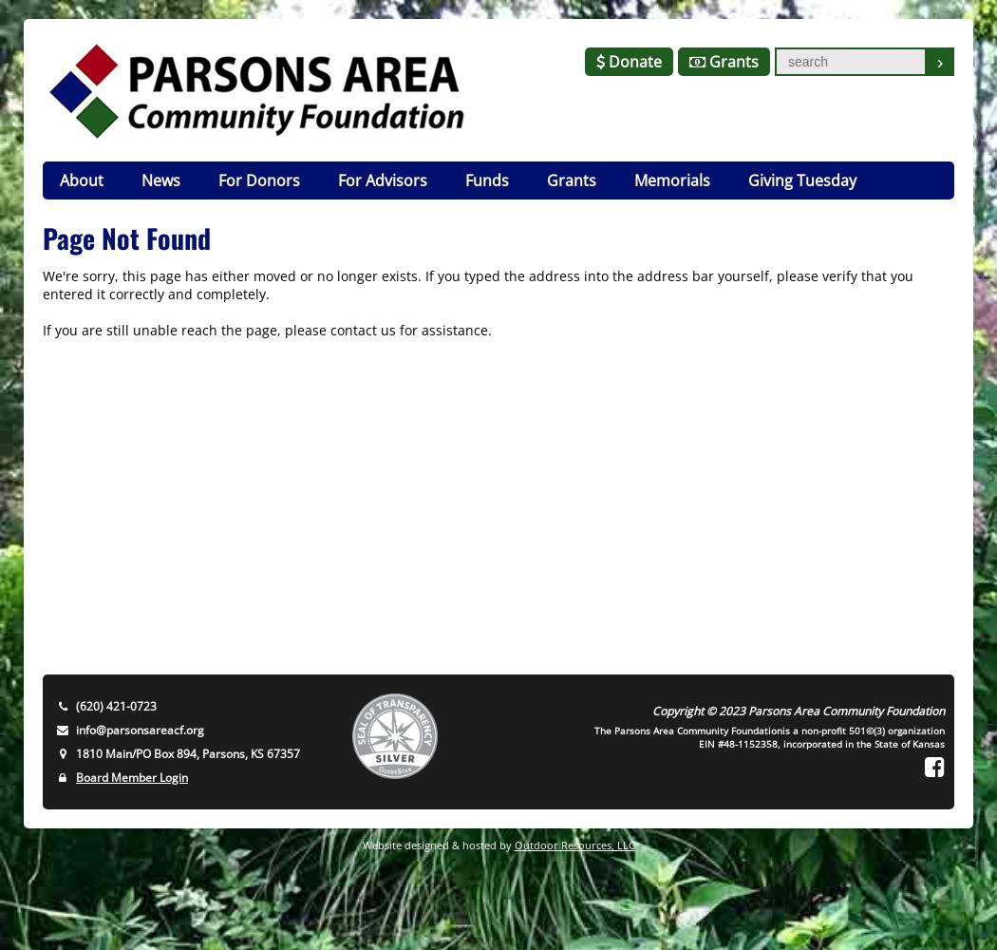 This screenshot has width=997, height=950. What do you see at coordinates (631, 61) in the screenshot?
I see `'Donate'` at bounding box center [631, 61].